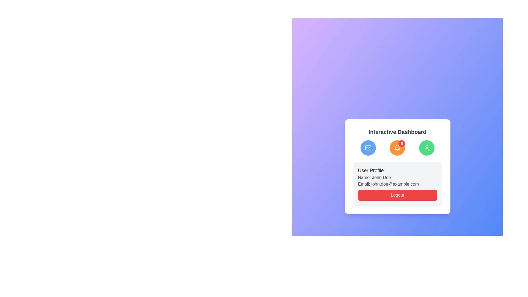  Describe the element at coordinates (427, 147) in the screenshot. I see `the user's profile view toggle button located in the top-right section of the 'Interactive Dashboard' card, which is the rightmost circle in a row of three buttons` at that location.